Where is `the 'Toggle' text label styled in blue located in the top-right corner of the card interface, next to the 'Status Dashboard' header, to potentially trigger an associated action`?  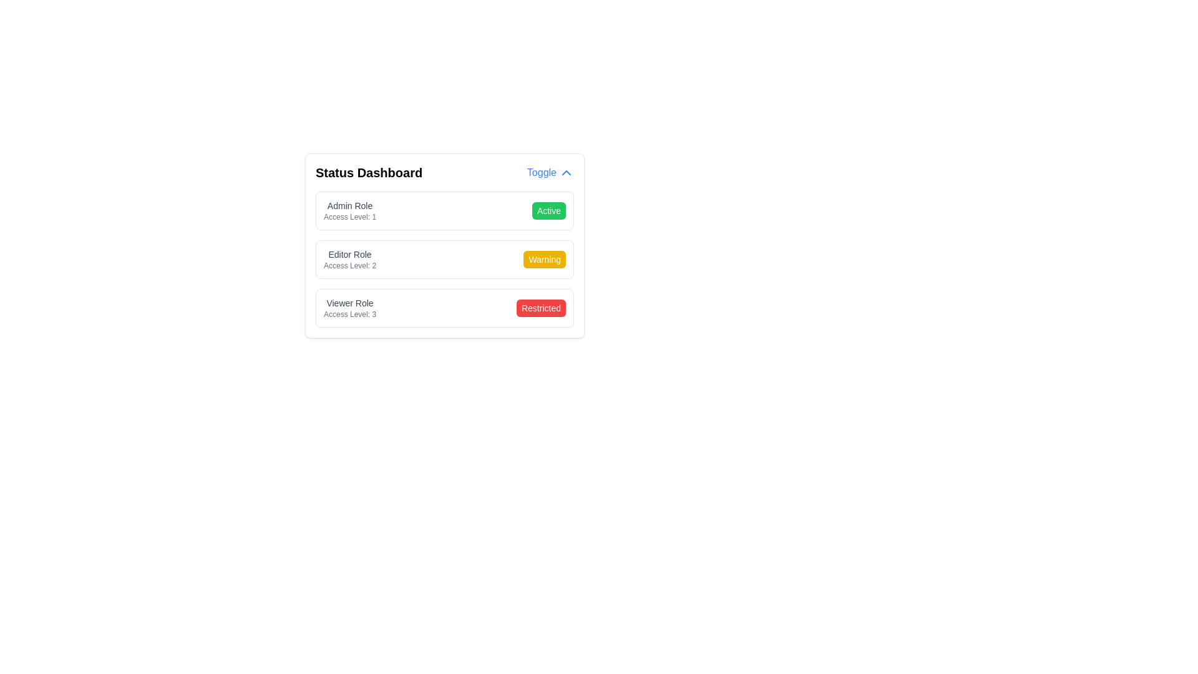
the 'Toggle' text label styled in blue located in the top-right corner of the card interface, next to the 'Status Dashboard' header, to potentially trigger an associated action is located at coordinates (542, 173).